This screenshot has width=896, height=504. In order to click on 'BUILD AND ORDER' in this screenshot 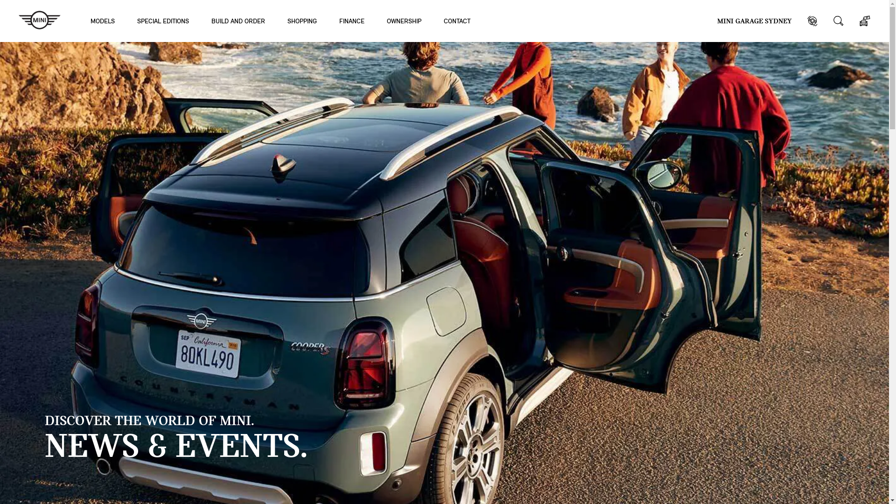, I will do `click(210, 21)`.